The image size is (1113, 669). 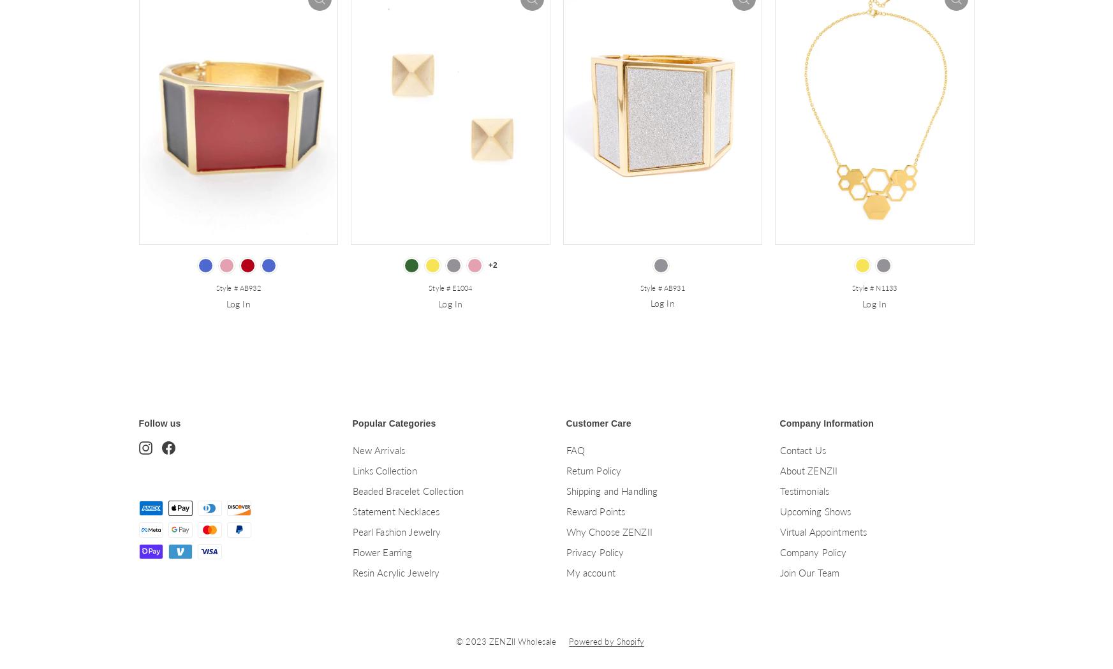 I want to click on 'AB931', so click(x=673, y=287).